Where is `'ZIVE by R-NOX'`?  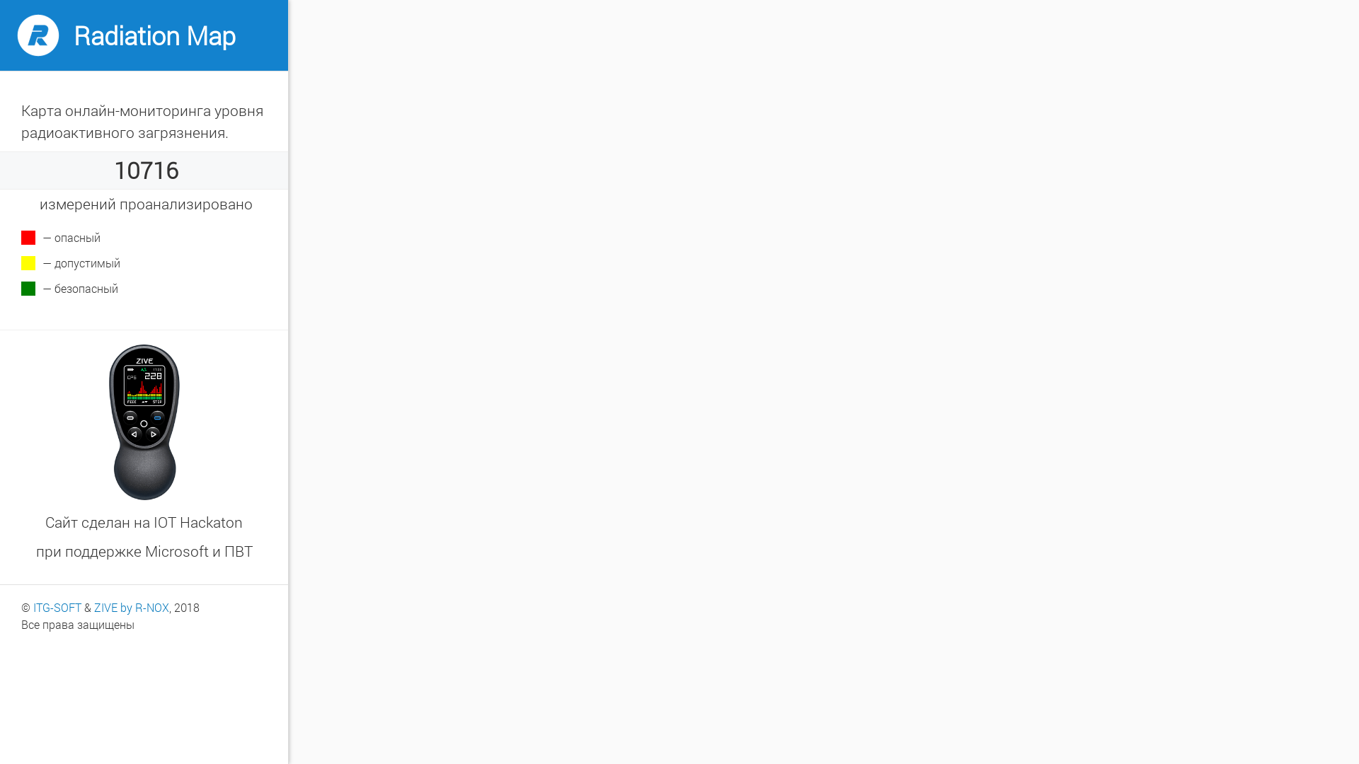
'ZIVE by R-NOX' is located at coordinates (132, 606).